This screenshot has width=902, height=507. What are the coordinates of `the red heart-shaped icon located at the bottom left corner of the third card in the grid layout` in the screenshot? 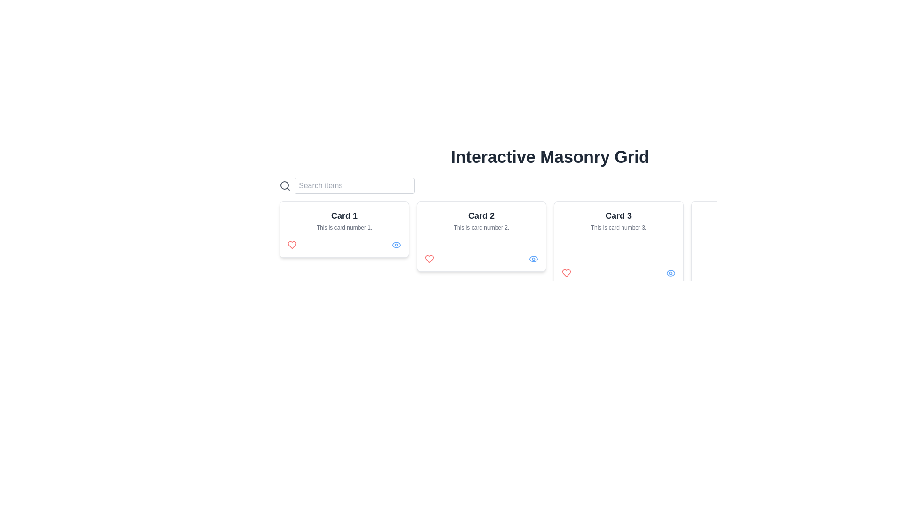 It's located at (566, 273).